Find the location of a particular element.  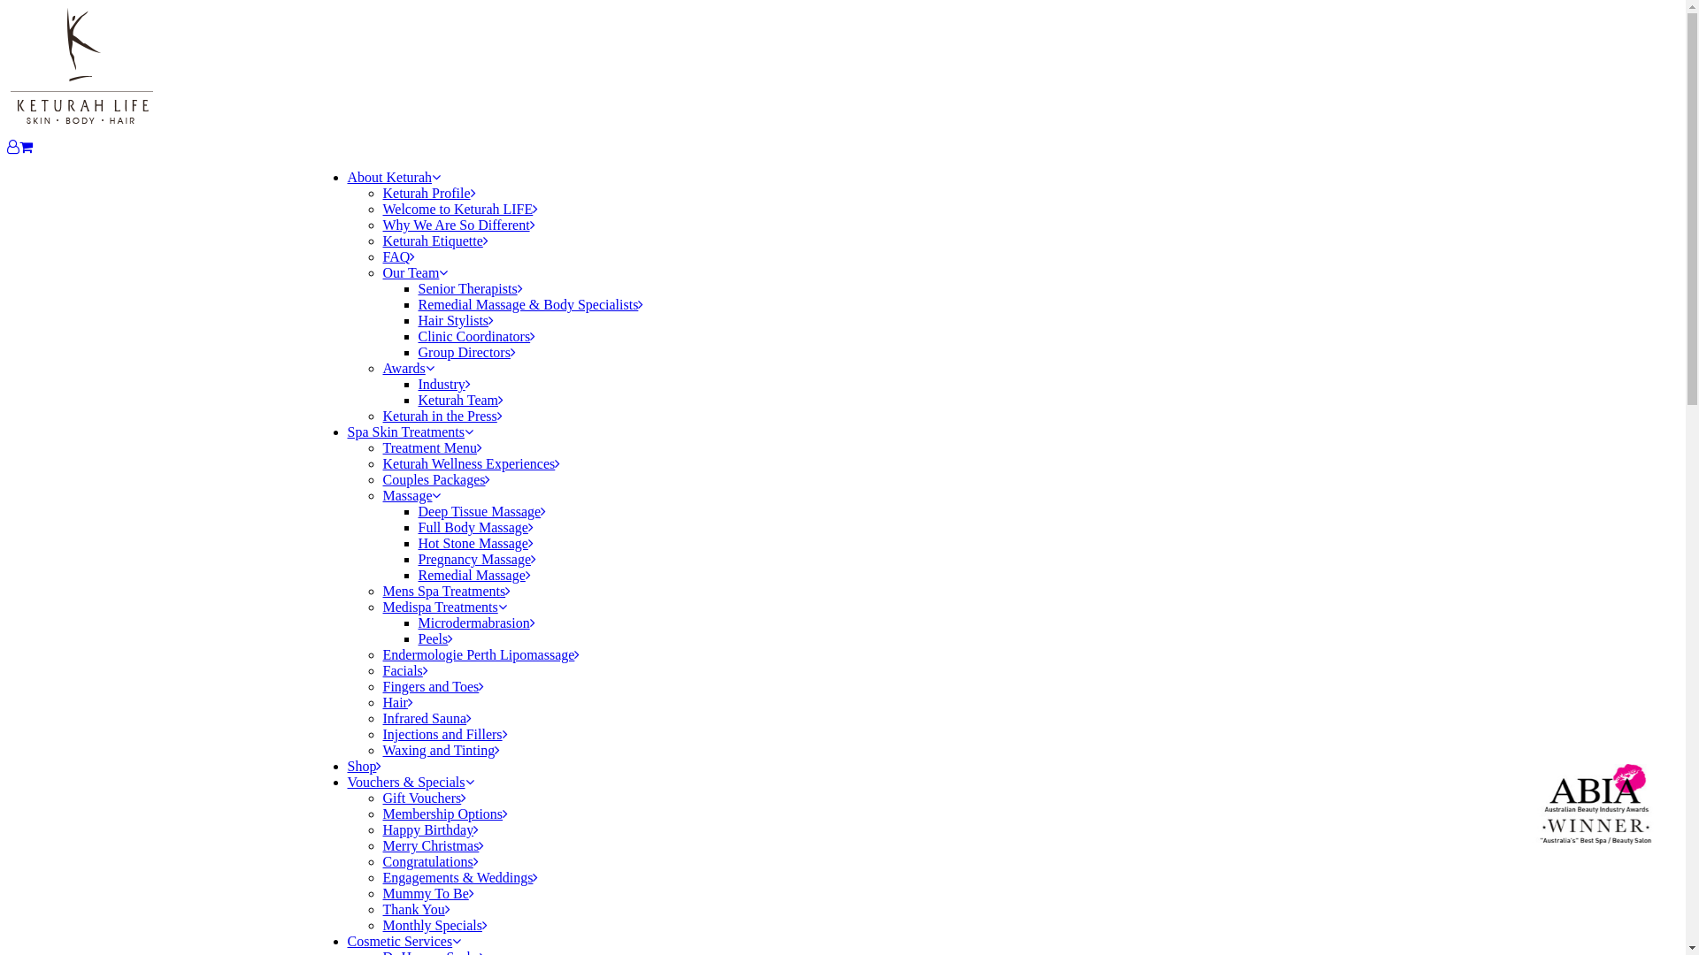

'Why We Are So Different' is located at coordinates (458, 224).